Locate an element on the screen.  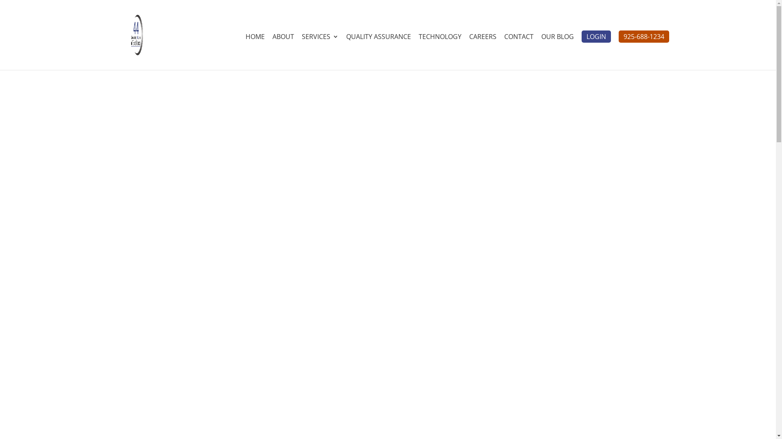
'925-688-1234' is located at coordinates (618, 36).